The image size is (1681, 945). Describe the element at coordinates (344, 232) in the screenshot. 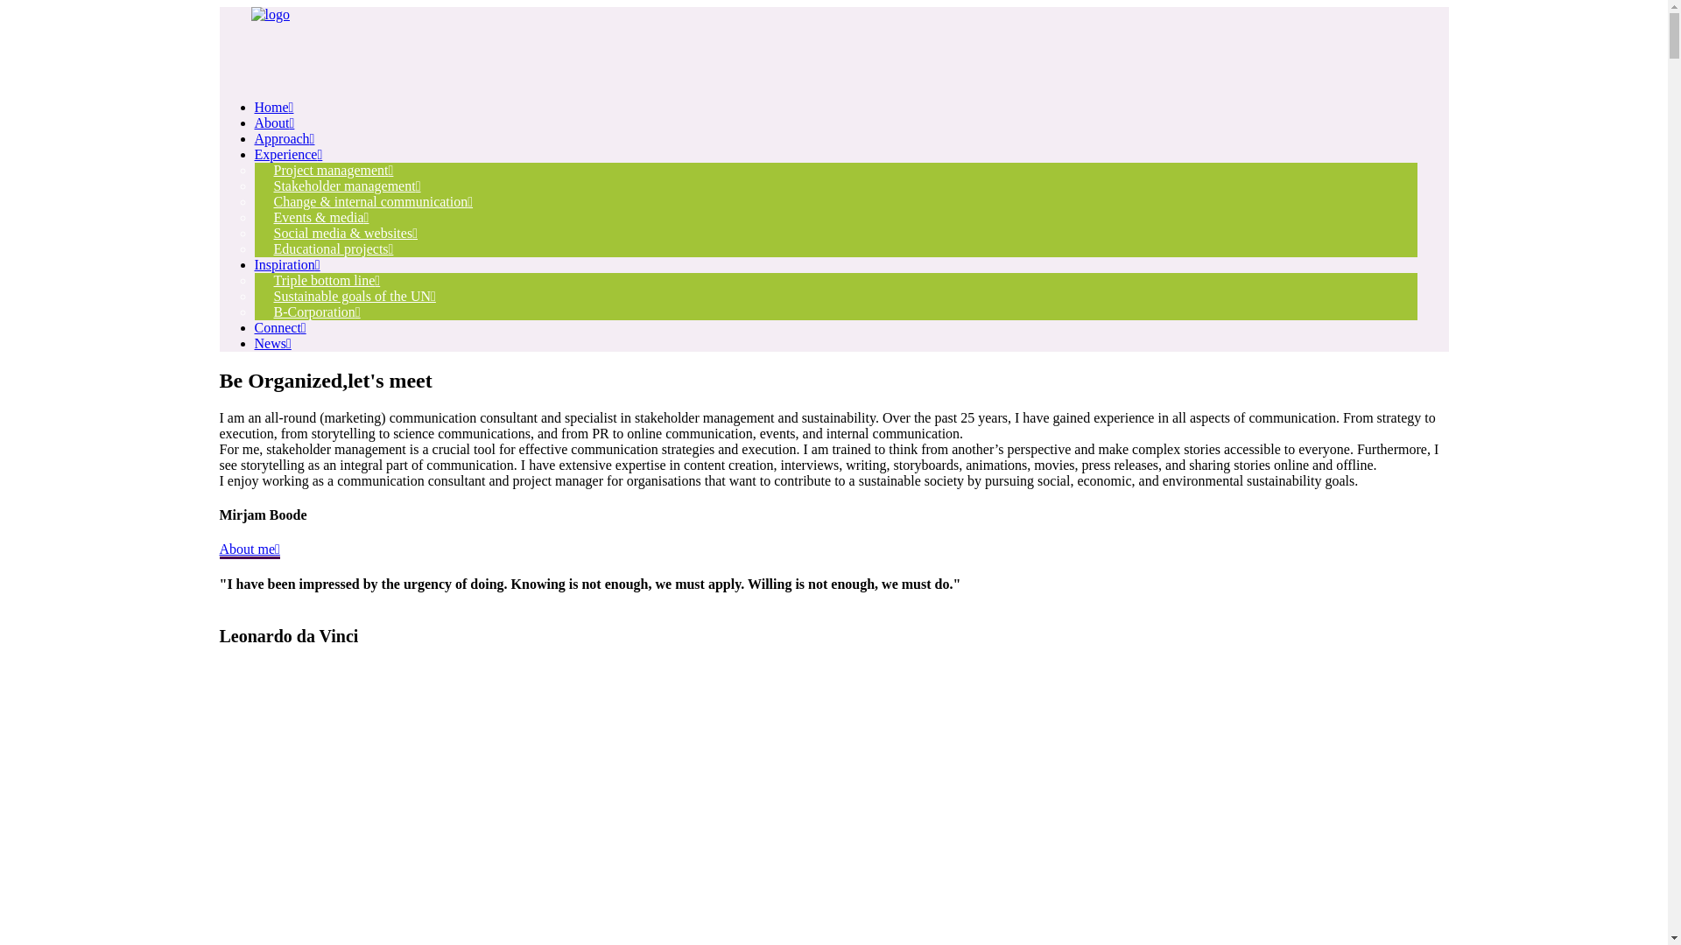

I see `'Social media & websites'` at that location.